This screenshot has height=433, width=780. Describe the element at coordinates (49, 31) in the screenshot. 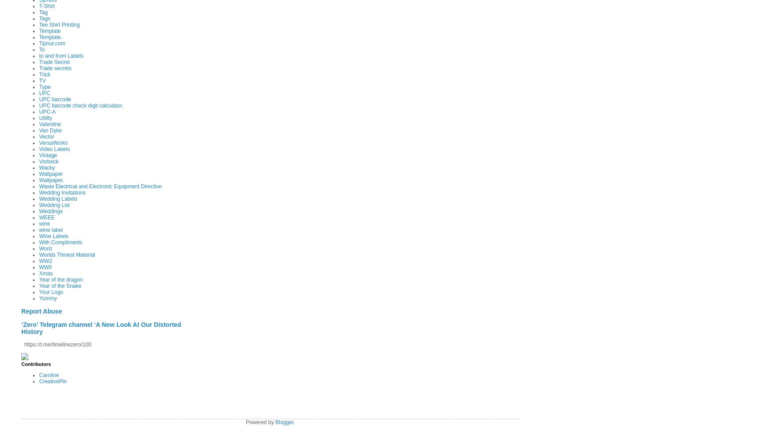

I see `'Template'` at that location.